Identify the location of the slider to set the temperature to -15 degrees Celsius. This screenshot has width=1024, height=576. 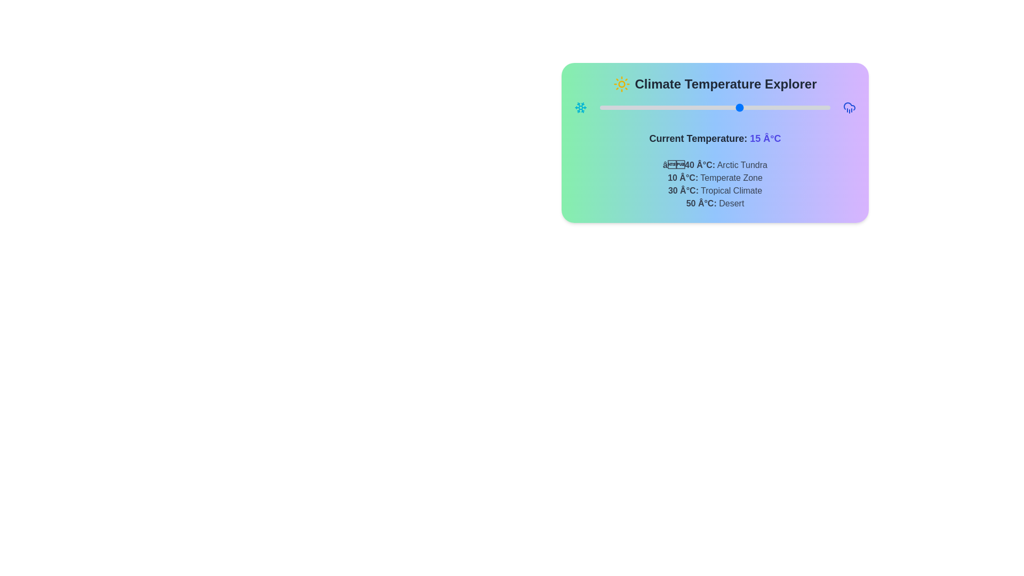
(663, 107).